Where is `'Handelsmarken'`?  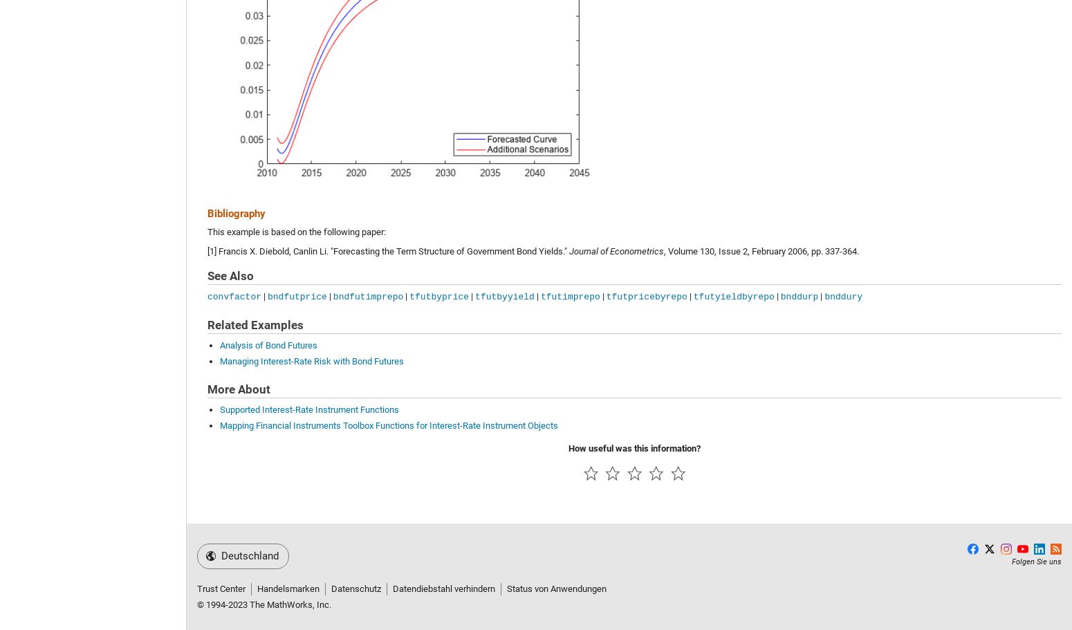 'Handelsmarken' is located at coordinates (288, 588).